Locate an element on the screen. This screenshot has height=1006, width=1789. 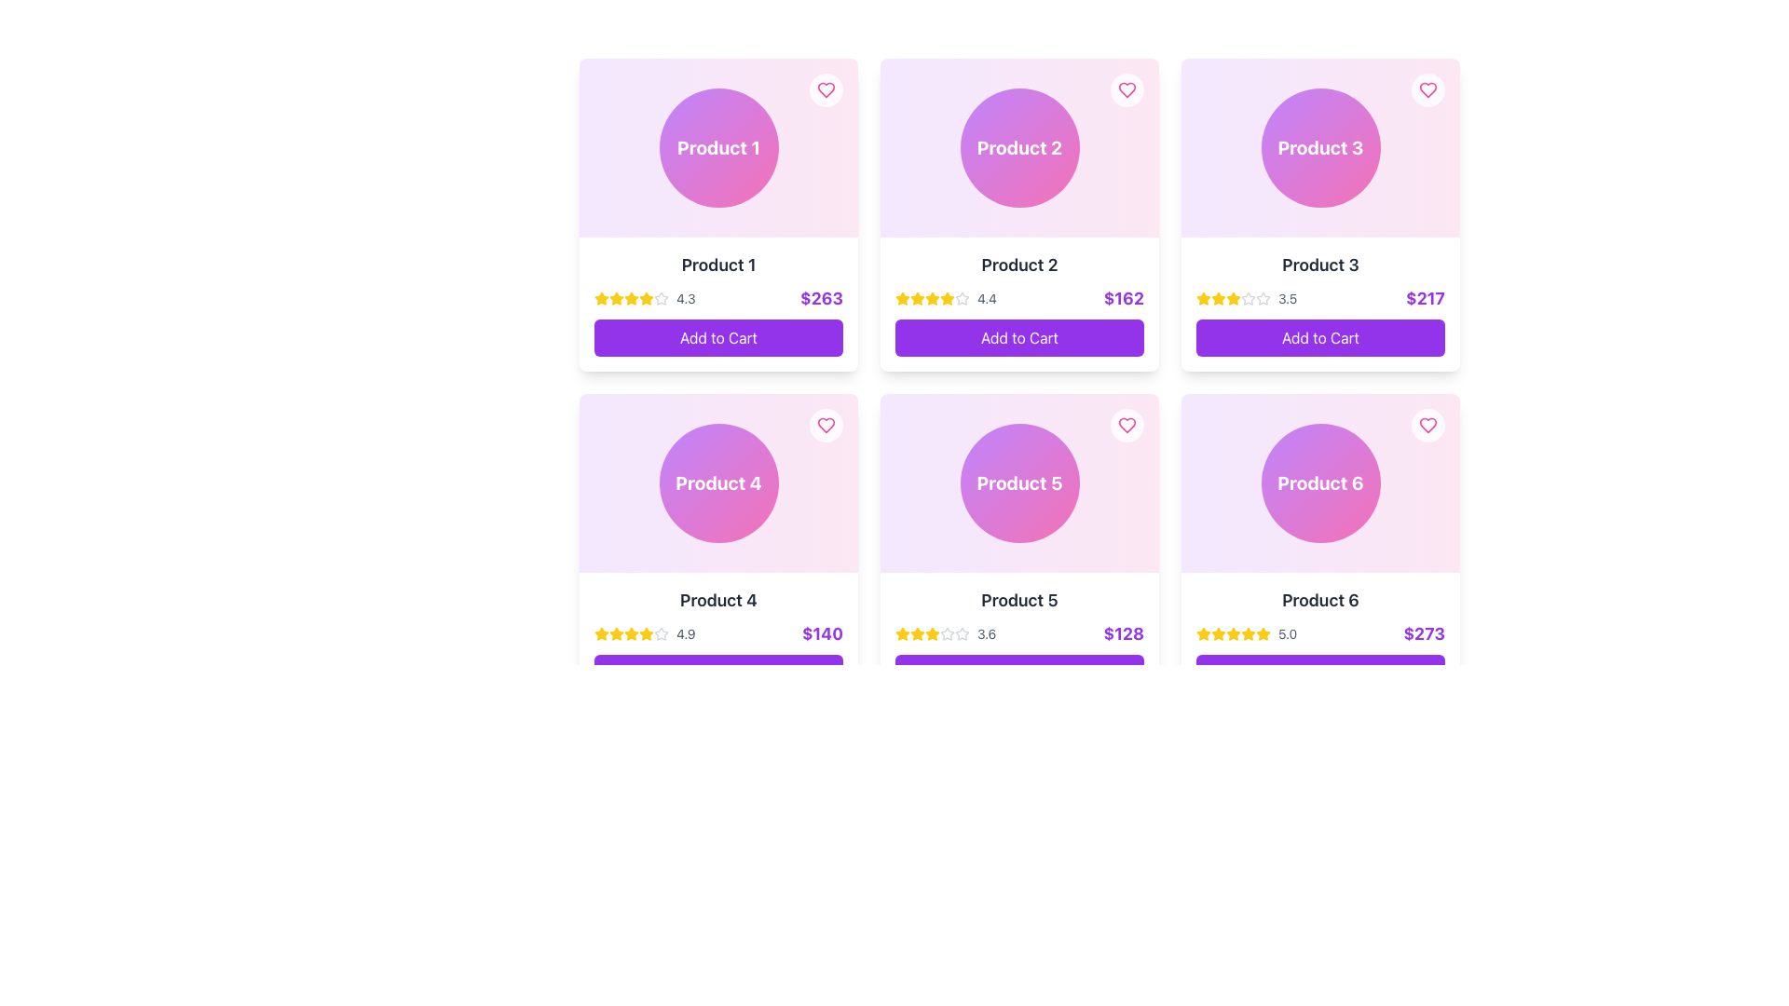
the visual identifier button or label that represents 'Product 5' is located at coordinates (1018, 483).